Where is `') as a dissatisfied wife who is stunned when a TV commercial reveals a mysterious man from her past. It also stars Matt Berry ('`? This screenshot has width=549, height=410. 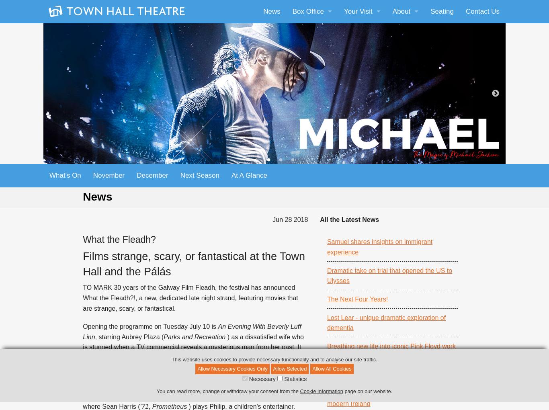 ') as a dissatisfied wife who is stunned when a TV commercial reveals a mysterious man from her past. It also stars Matt Berry (' is located at coordinates (82, 346).